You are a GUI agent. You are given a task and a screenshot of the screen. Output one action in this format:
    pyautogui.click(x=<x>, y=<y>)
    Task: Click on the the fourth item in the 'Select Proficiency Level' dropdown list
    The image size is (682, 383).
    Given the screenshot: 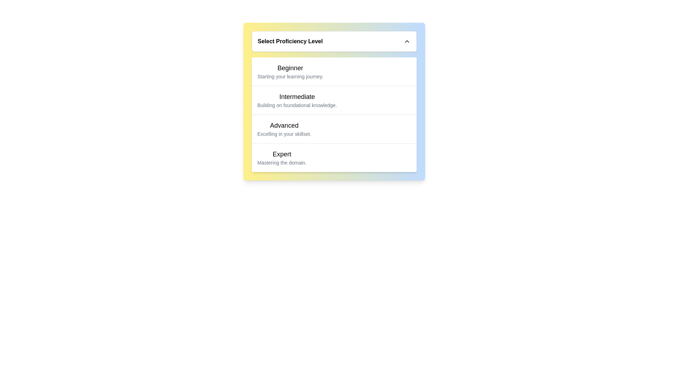 What is the action you would take?
    pyautogui.click(x=334, y=157)
    